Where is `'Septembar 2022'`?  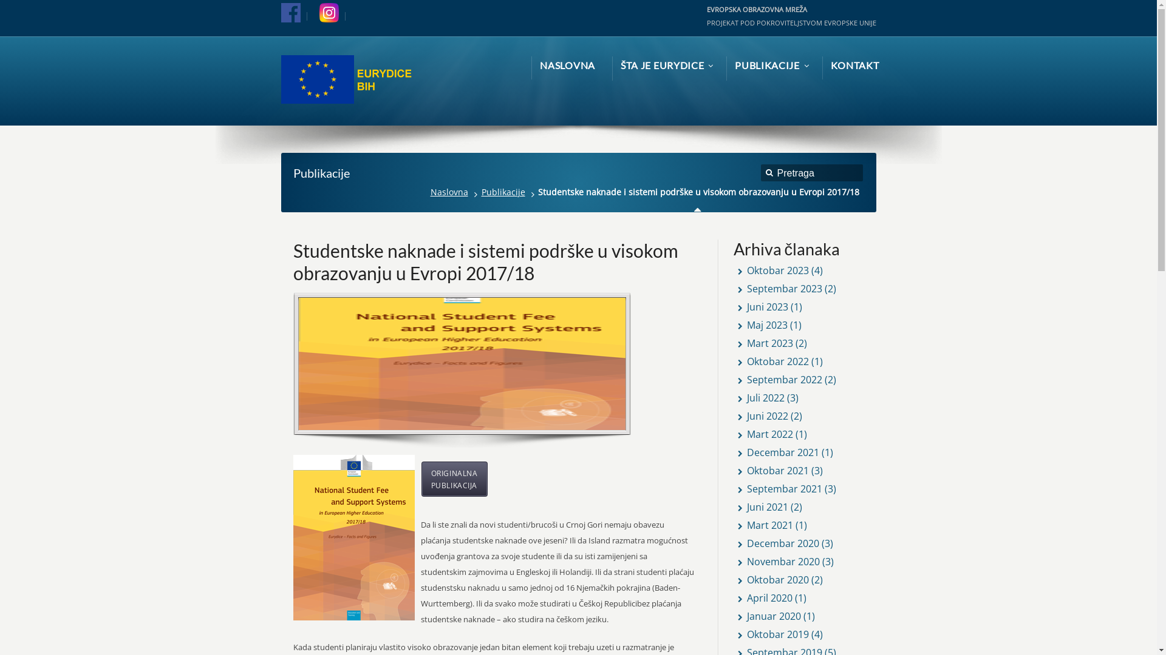
'Septembar 2022' is located at coordinates (784, 378).